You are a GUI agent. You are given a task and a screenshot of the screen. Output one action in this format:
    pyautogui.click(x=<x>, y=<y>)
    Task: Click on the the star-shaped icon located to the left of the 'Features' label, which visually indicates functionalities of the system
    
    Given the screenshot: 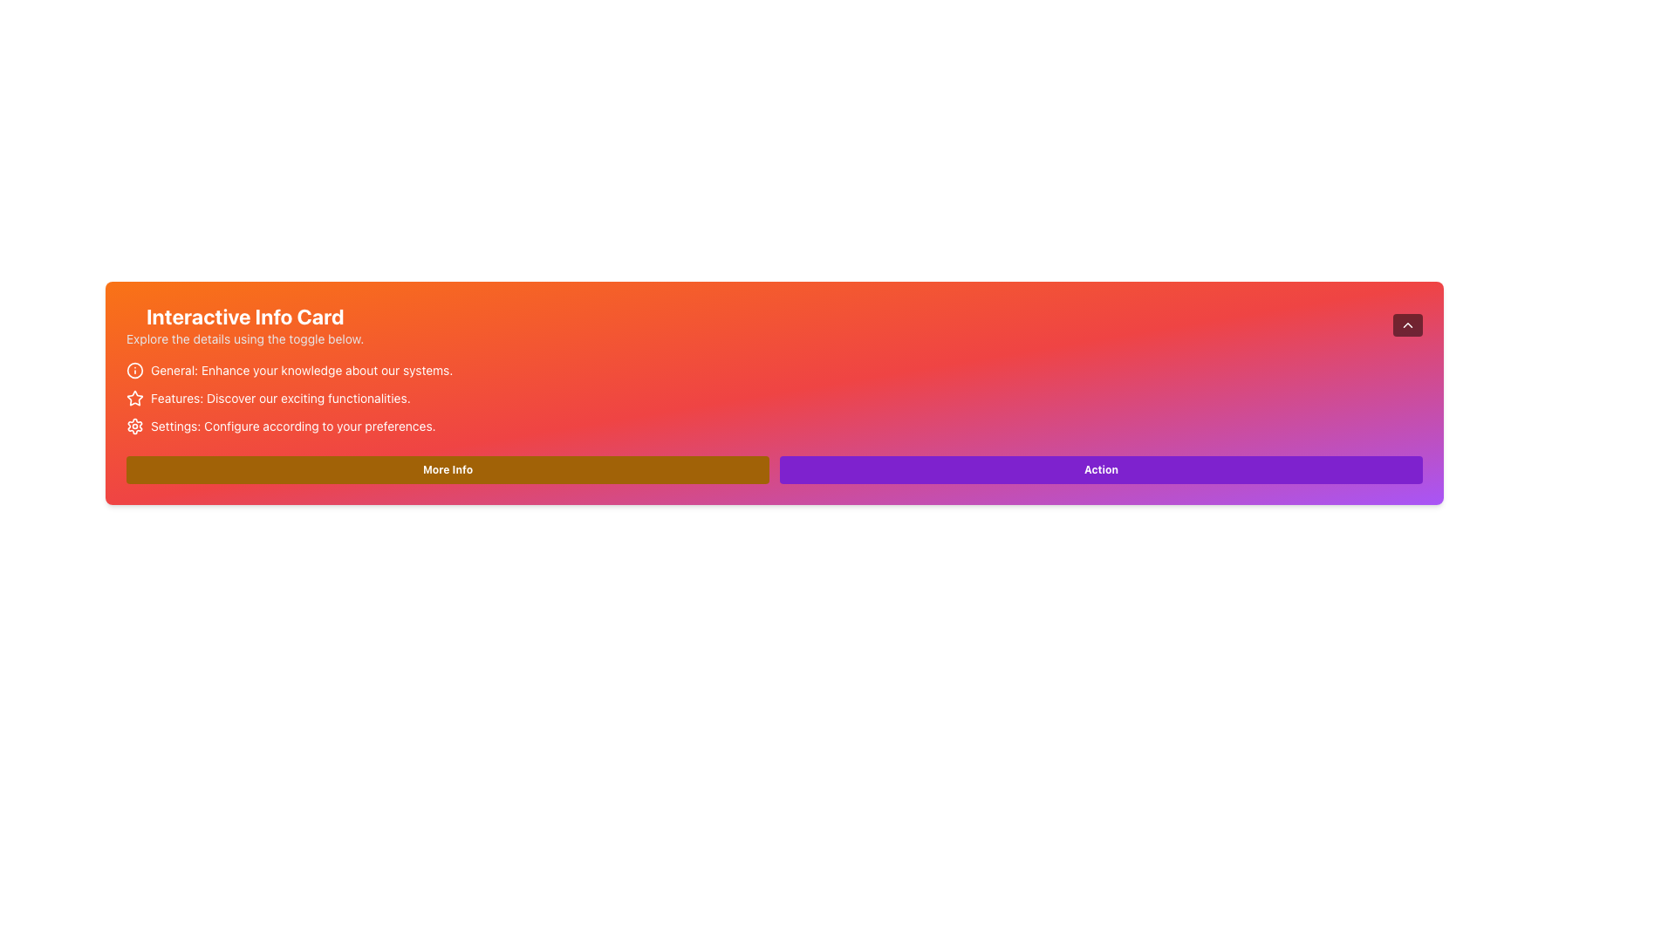 What is the action you would take?
    pyautogui.click(x=133, y=398)
    